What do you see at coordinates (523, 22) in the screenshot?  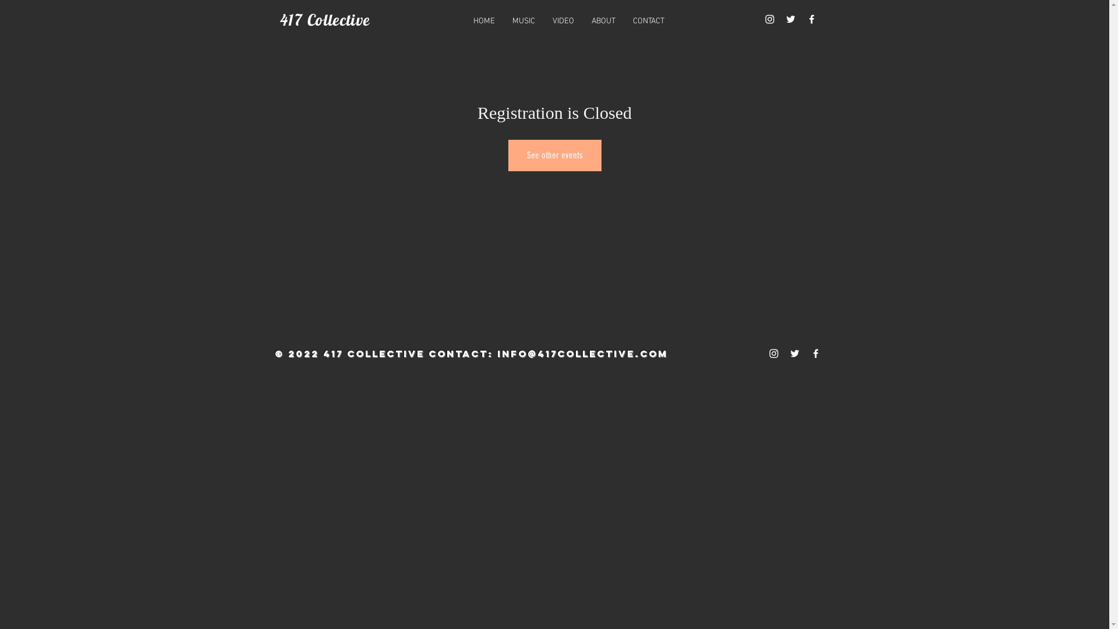 I see `'MUSIC'` at bounding box center [523, 22].